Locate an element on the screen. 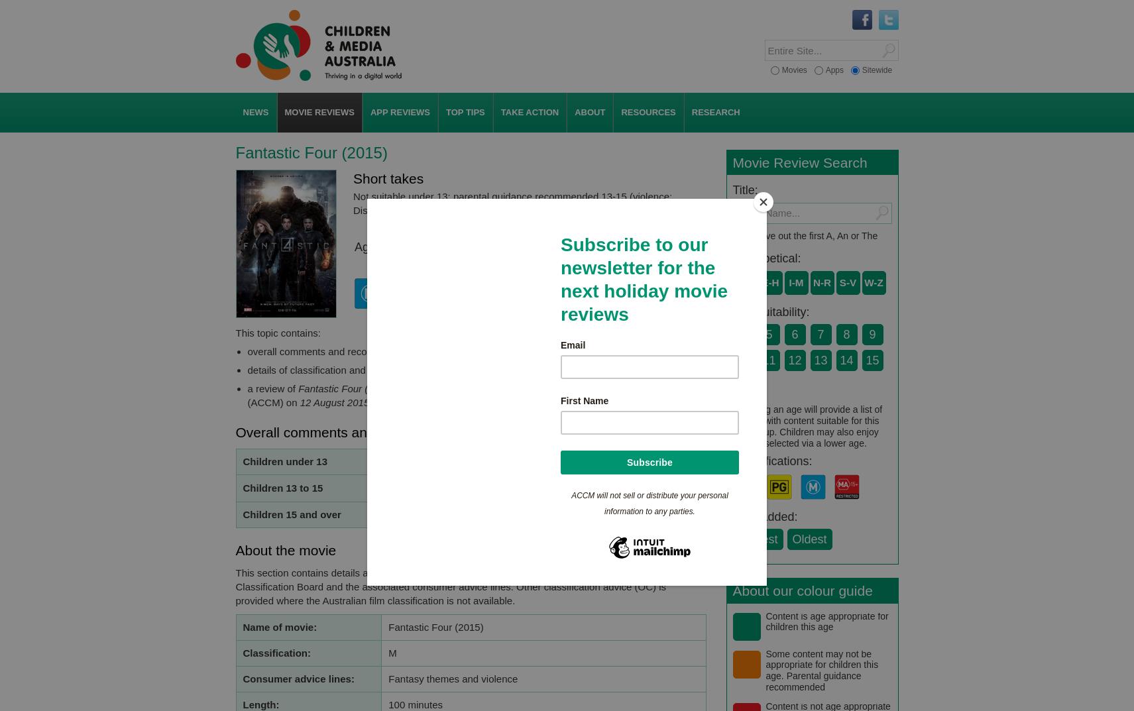  'Not suitable due to violence and disturbing scenes' is located at coordinates (388, 461).